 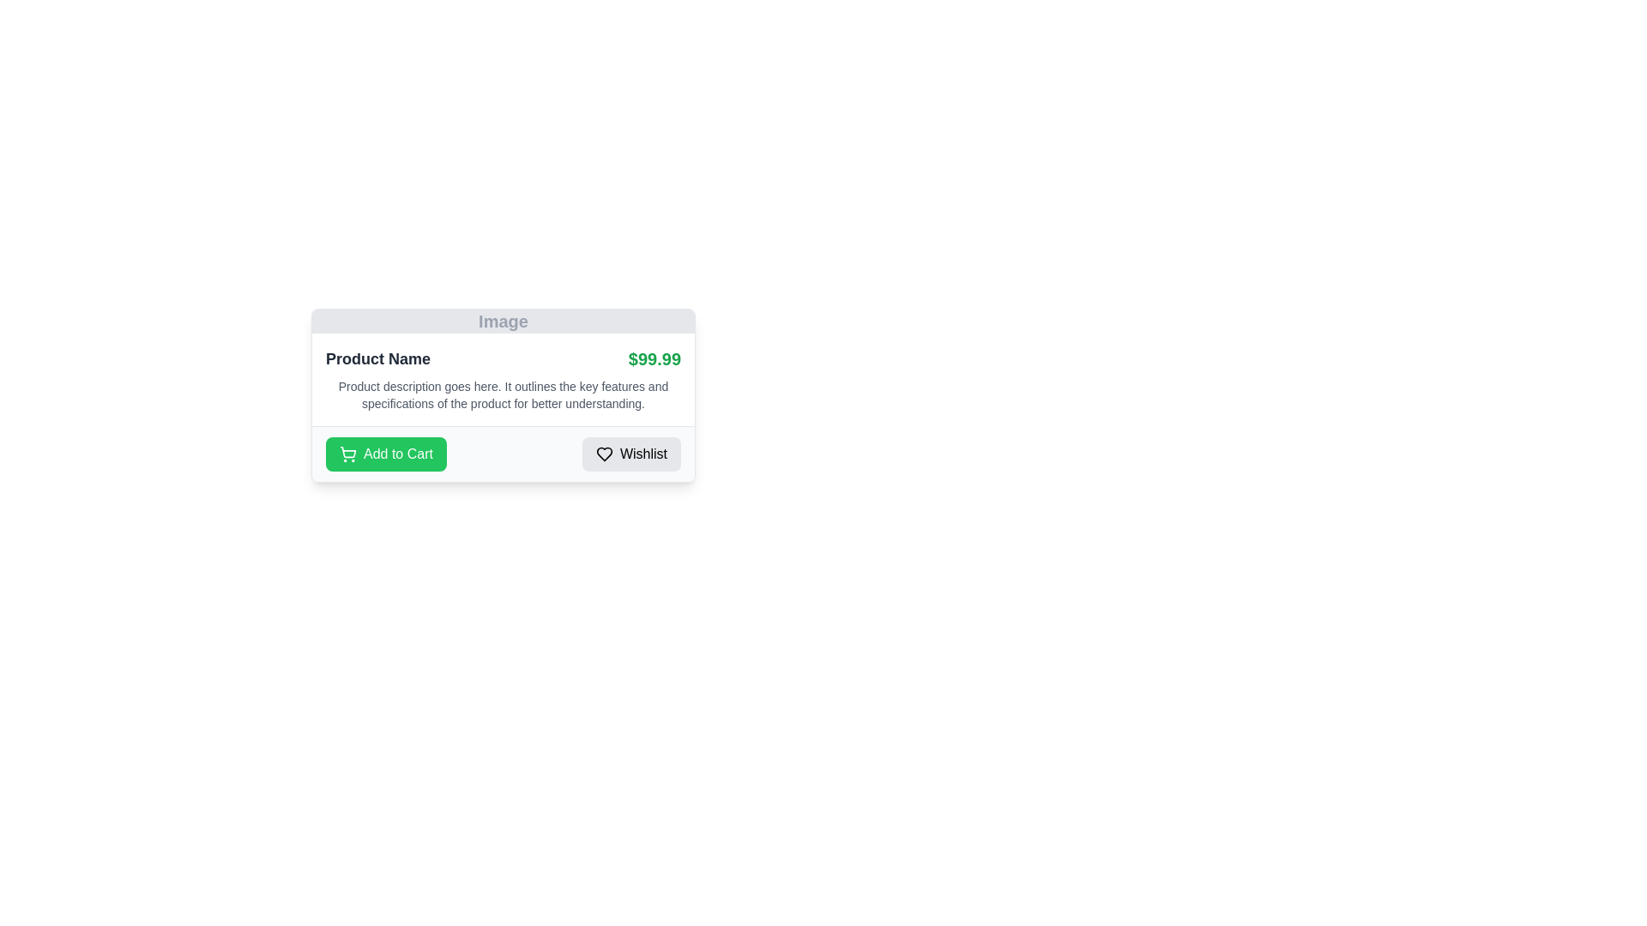 What do you see at coordinates (347, 453) in the screenshot?
I see `the shopping cart icon located on the left side of the green 'Add to Cart' button` at bounding box center [347, 453].